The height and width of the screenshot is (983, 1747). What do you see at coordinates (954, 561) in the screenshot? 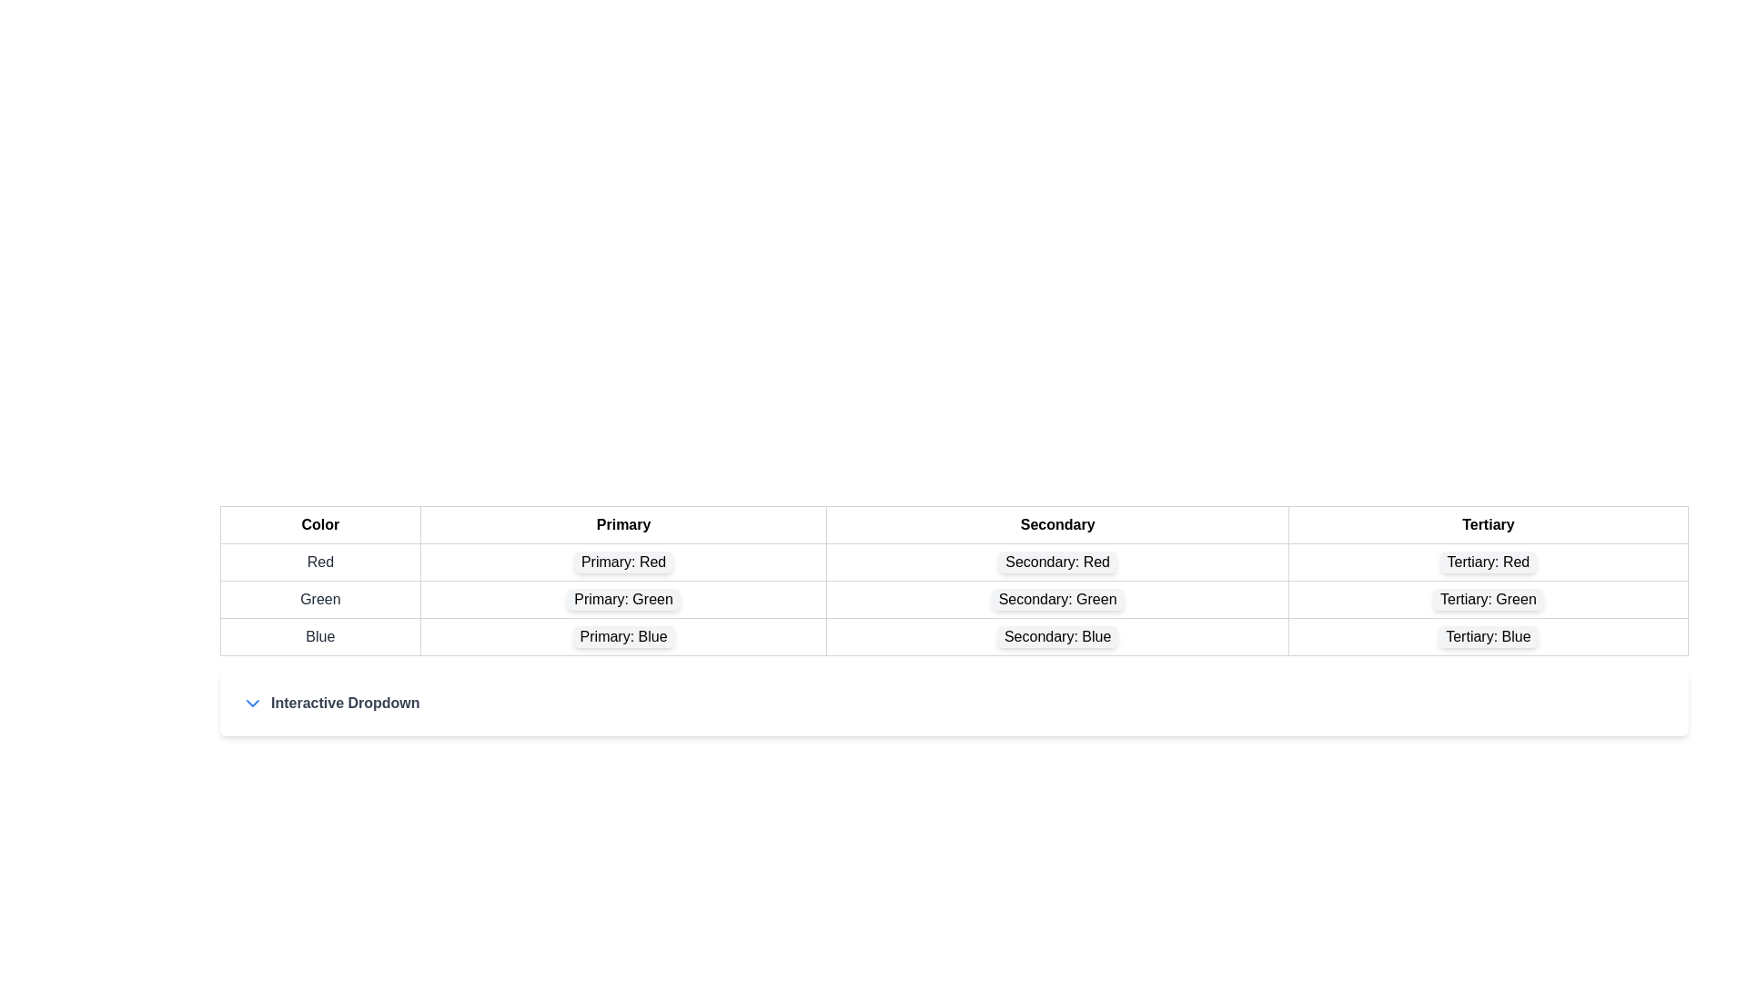
I see `the text label 'Secondary: Red' which is located in the row labeled 'Red' under the 'Secondary' column in a table-like structure` at bounding box center [954, 561].